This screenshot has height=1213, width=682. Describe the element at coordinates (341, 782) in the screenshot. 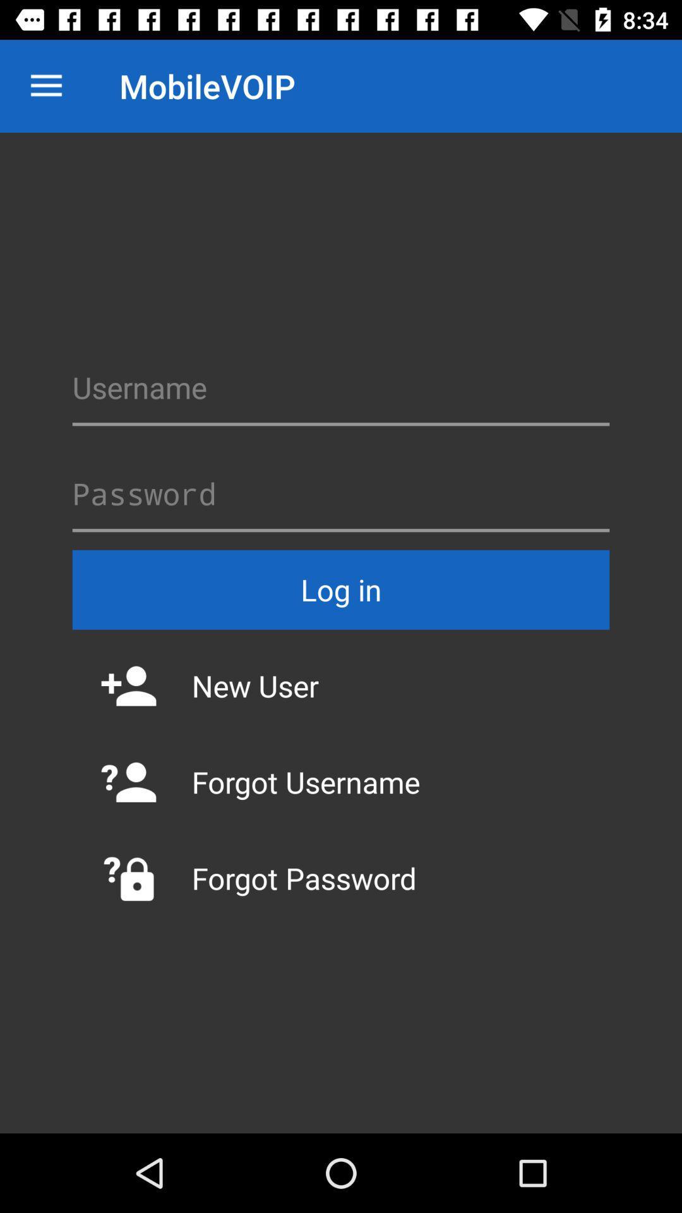

I see `forgot username icon` at that location.